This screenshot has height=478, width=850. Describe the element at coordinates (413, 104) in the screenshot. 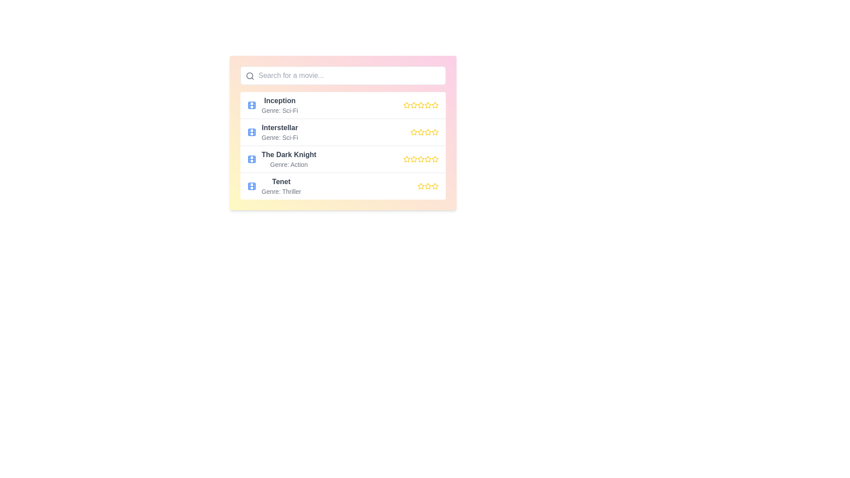

I see `the yellow star-shaped icon to rate the movie 'Inception', located on the right side of the 'Inception' row in the list of movie titles` at that location.